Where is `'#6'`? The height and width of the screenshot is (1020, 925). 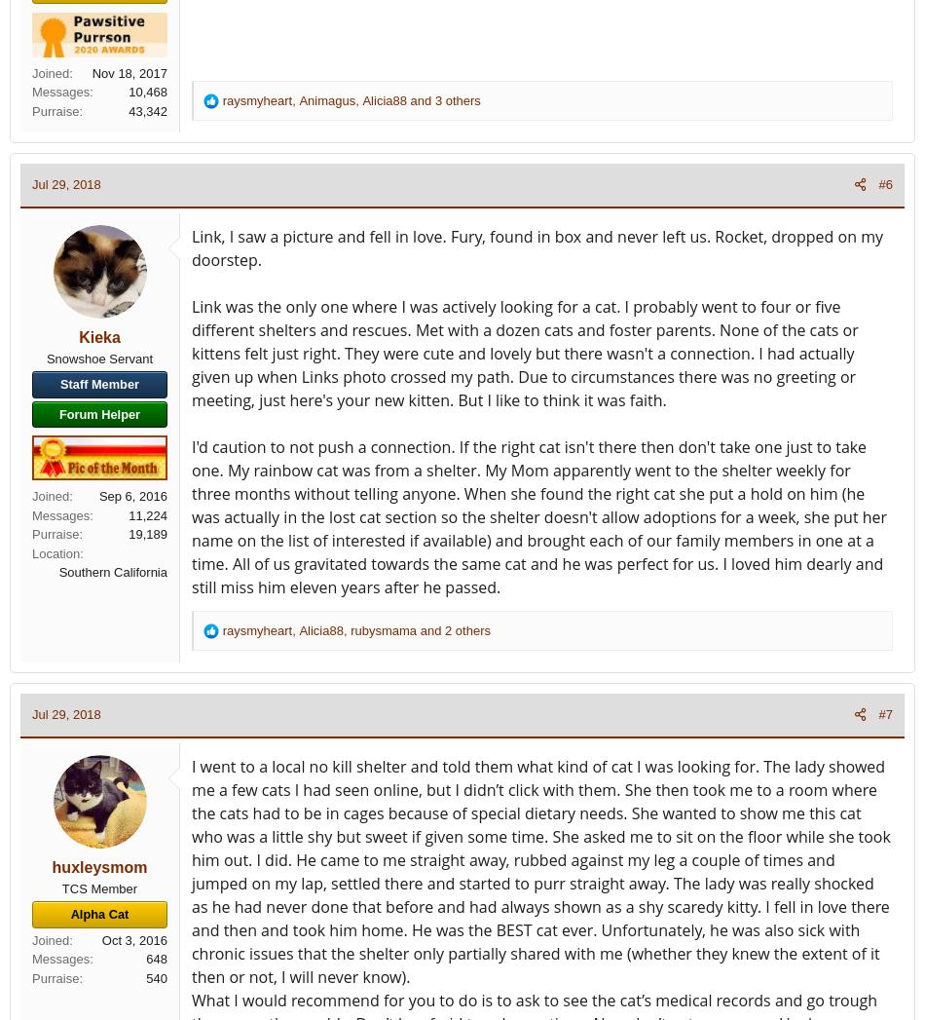 '#6' is located at coordinates (884, 184).